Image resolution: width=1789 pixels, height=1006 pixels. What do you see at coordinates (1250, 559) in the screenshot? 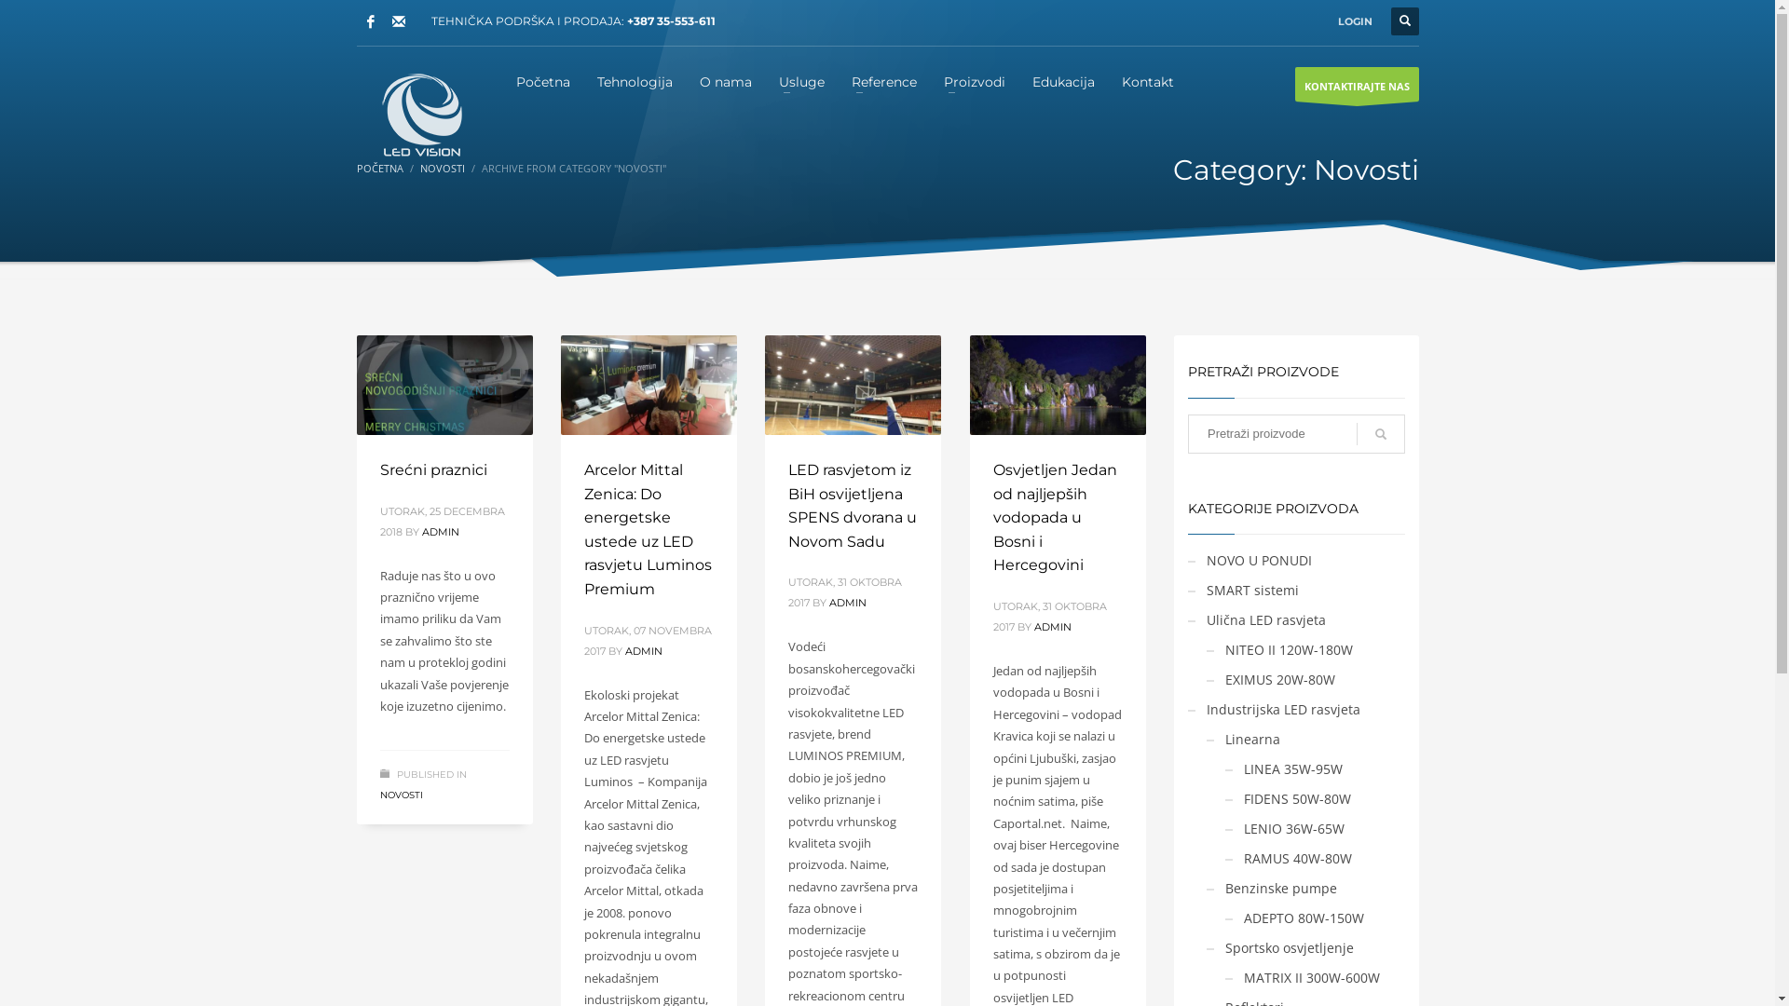
I see `'NOVO U PONUDI'` at bounding box center [1250, 559].